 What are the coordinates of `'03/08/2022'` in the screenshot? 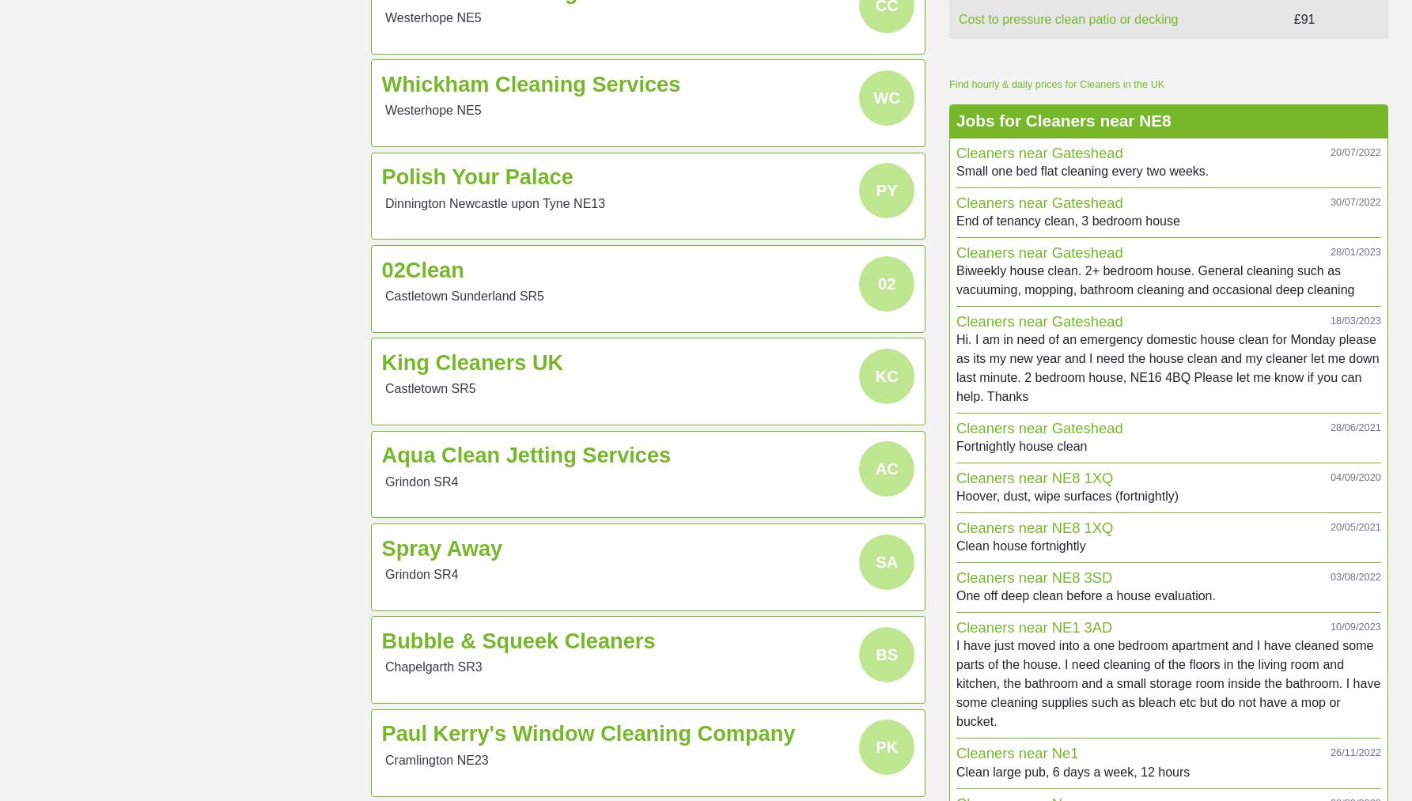 It's located at (1354, 576).